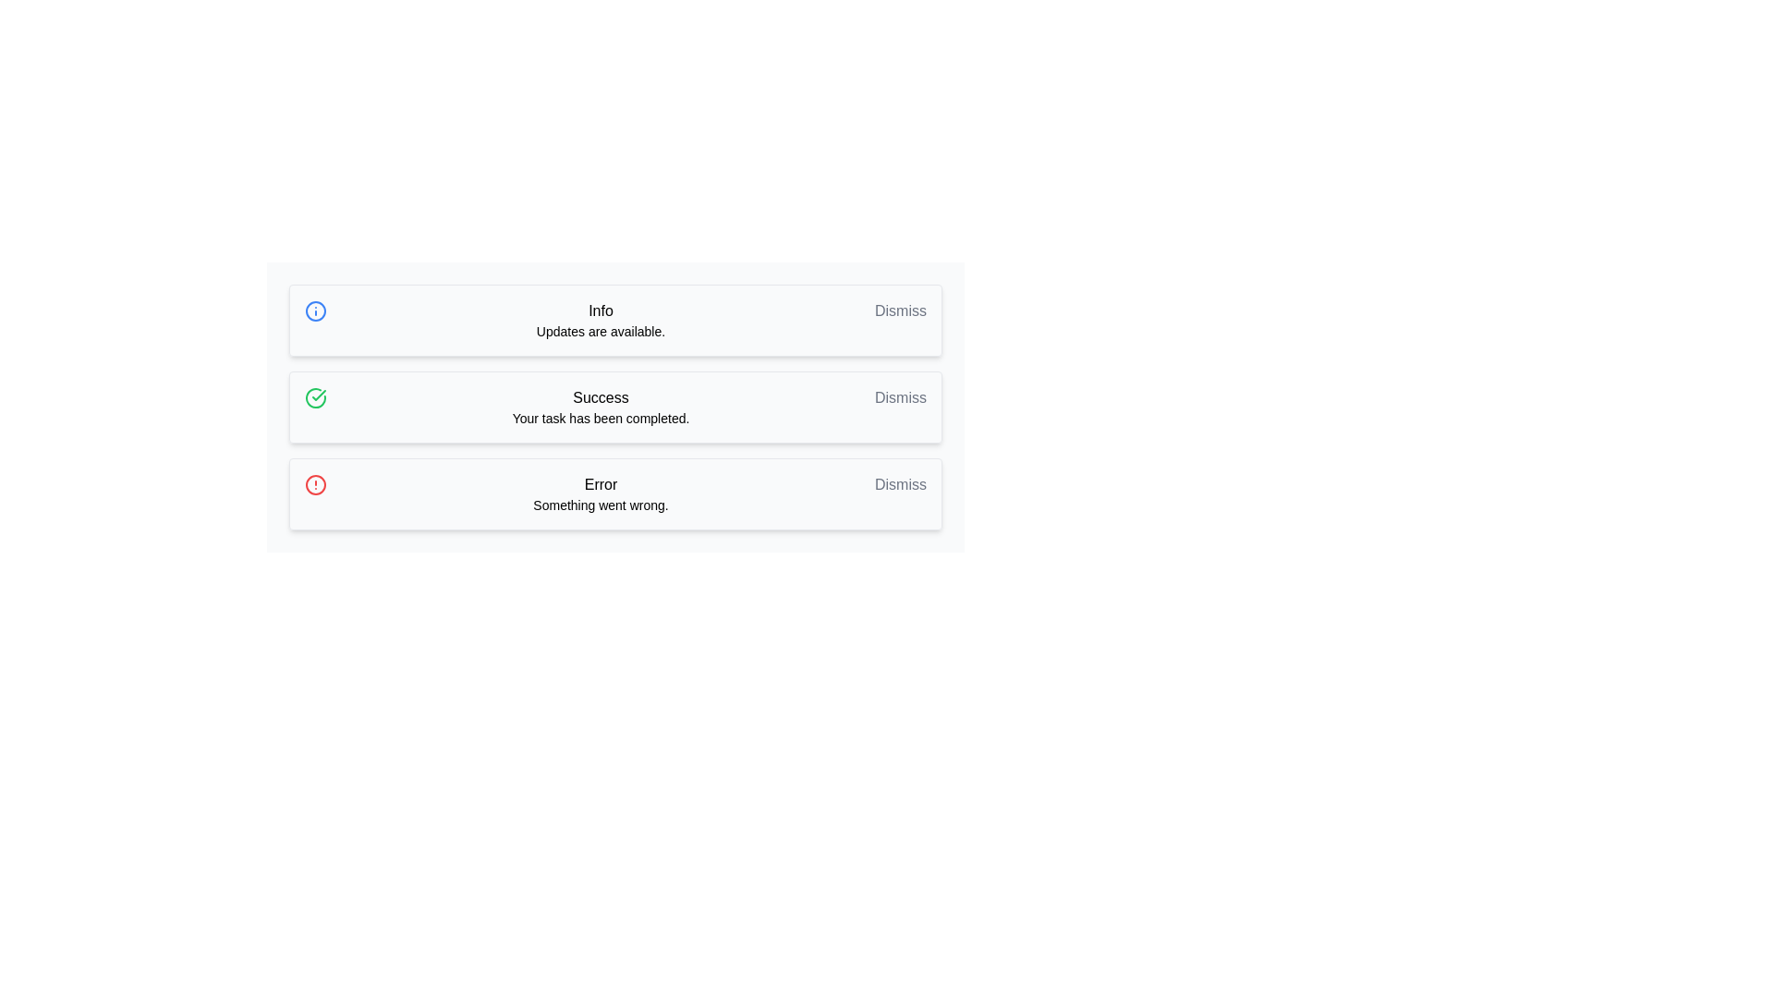 The image size is (1774, 998). I want to click on the circular green icon with a white checkmark that indicates a successful state, located on the left side of the 'Success Your task has been completed.' notification box, so click(315, 397).